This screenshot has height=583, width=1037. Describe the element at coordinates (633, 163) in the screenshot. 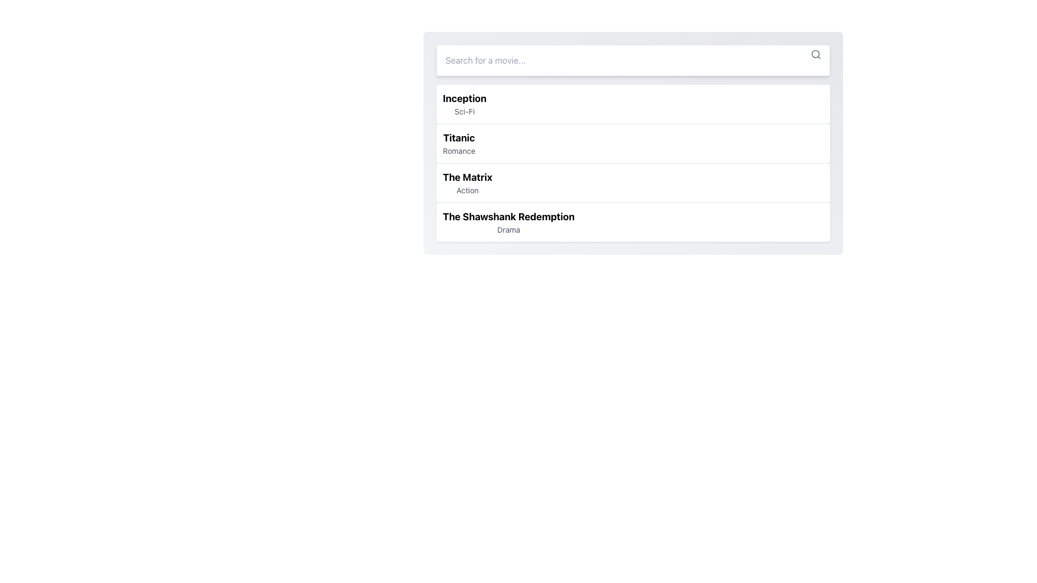

I see `the third item in the movie list titled 'The Matrix' which belongs to the 'Action' genre` at that location.